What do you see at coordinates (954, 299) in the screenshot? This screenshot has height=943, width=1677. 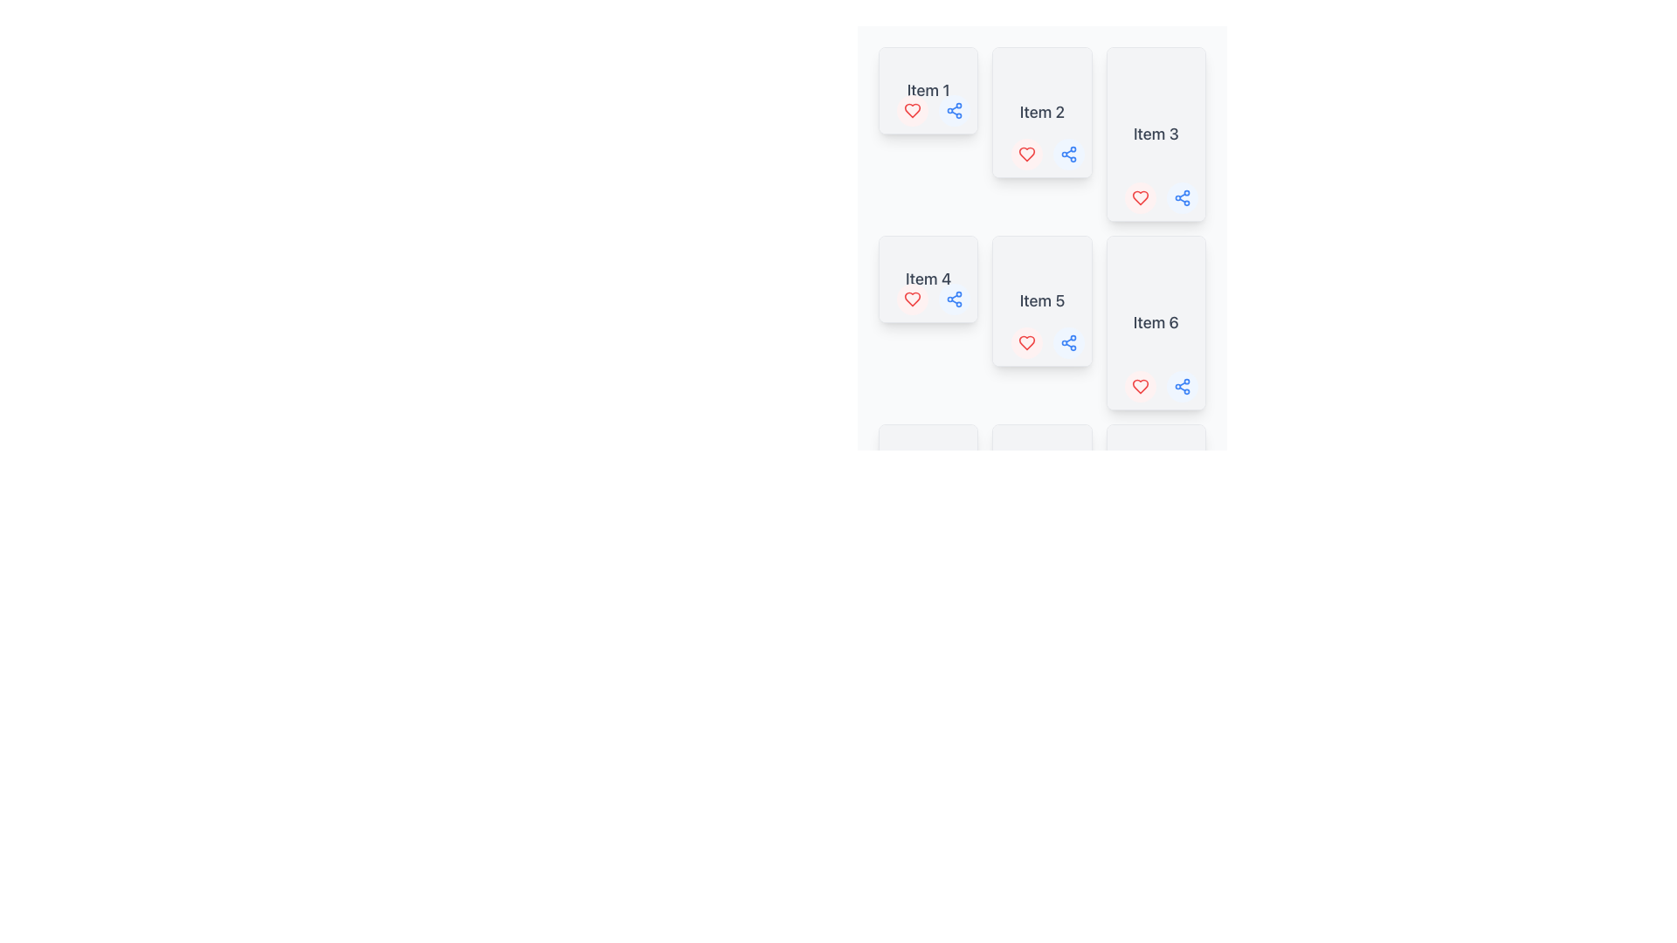 I see `the share button located at the bottom-right corner of the 'Item 4' card` at bounding box center [954, 299].